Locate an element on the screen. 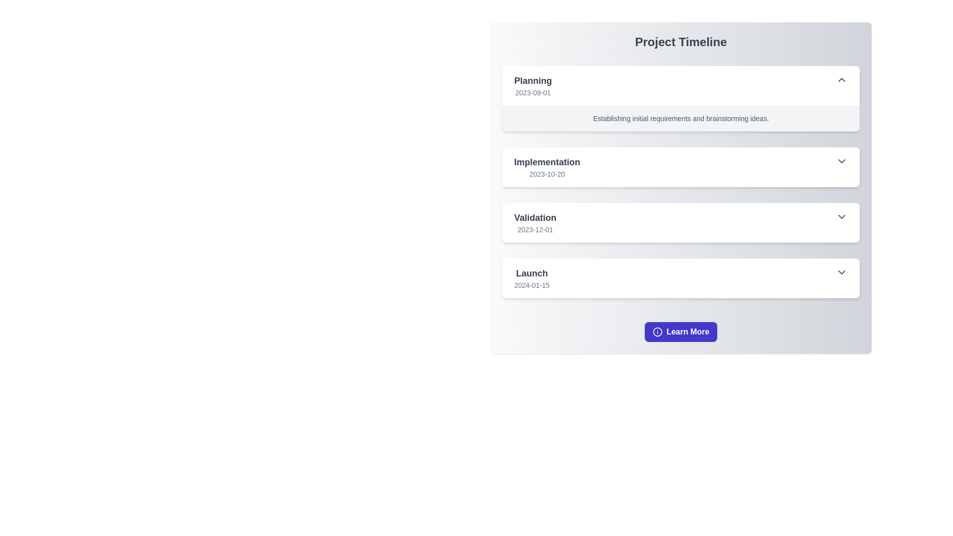  text from the date label located beneath the 'Validation' title in the 'Validation' section of the 'Project Timeline' is located at coordinates (535, 229).